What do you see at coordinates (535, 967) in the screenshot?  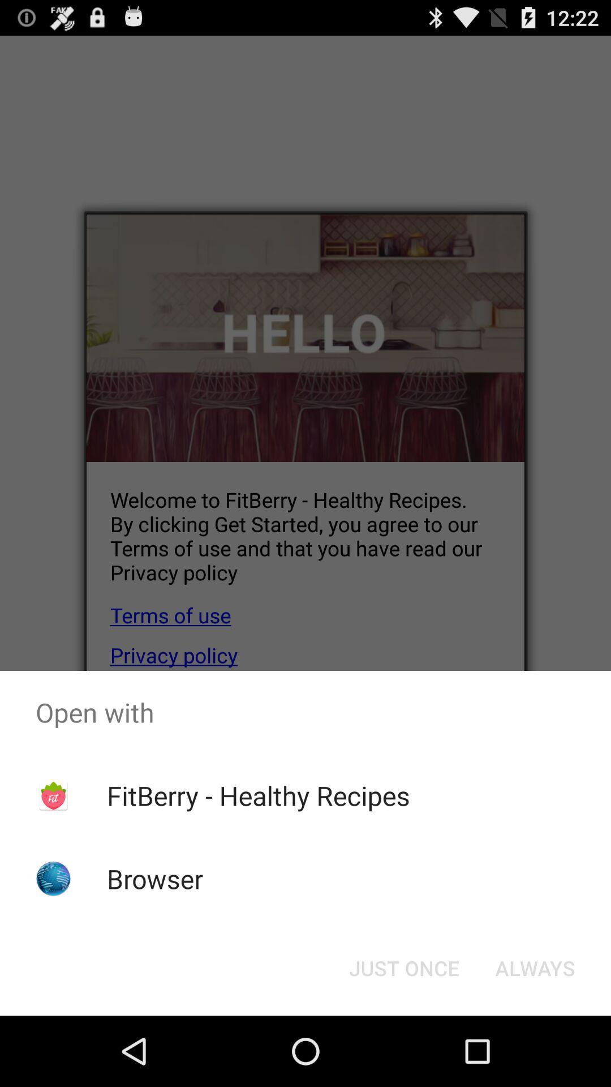 I see `the always item` at bounding box center [535, 967].